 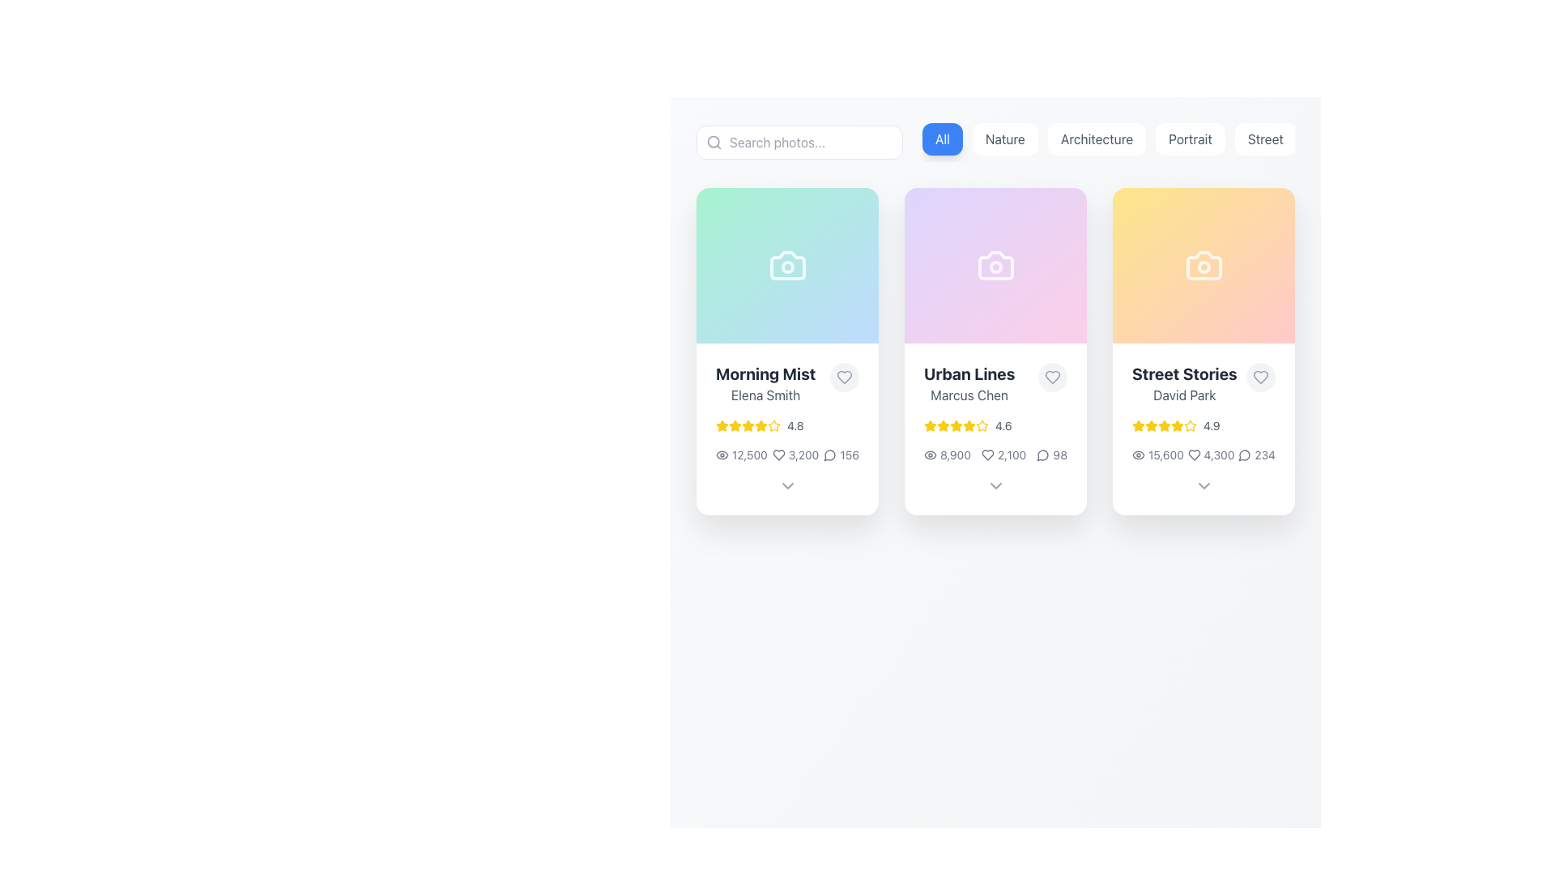 What do you see at coordinates (942, 139) in the screenshot?
I see `the blue button labeled 'All'` at bounding box center [942, 139].